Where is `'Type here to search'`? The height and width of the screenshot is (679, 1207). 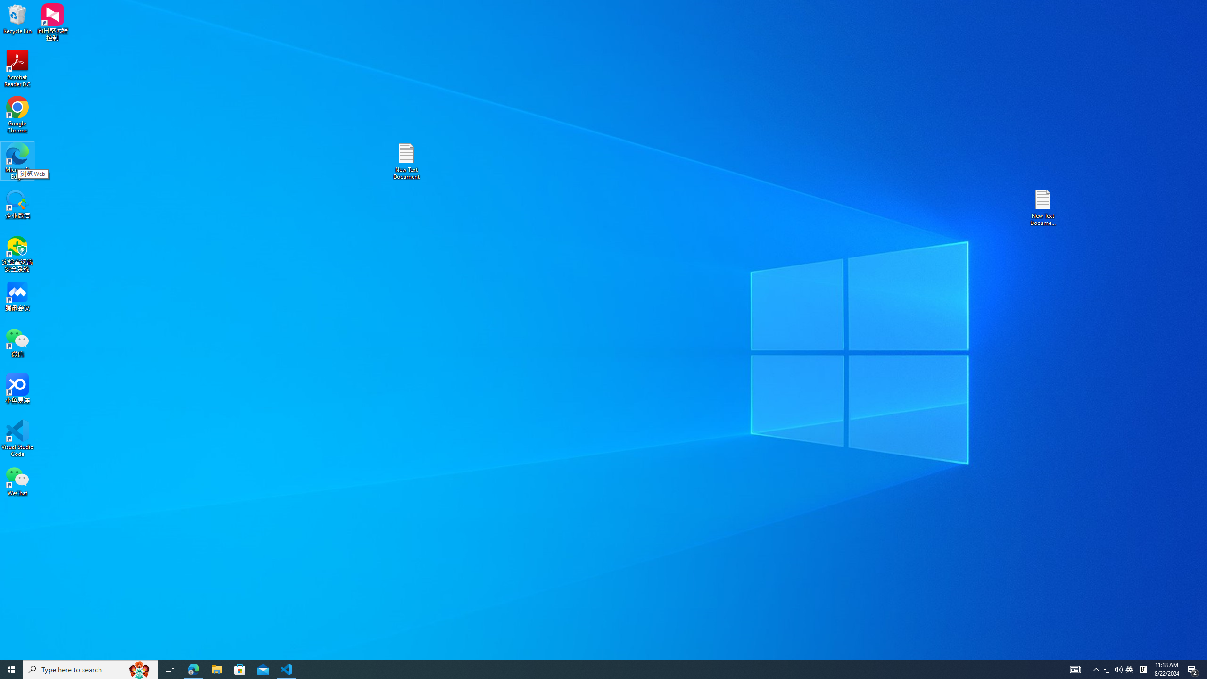 'Type here to search' is located at coordinates (90, 669).